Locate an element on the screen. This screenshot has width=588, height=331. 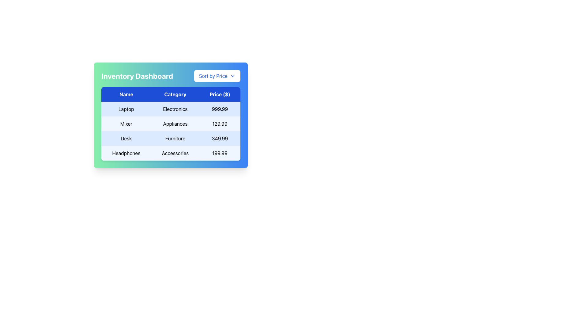
the text display showing '999.99' in bold black font, located in the price column of the first row under 'Price ($)' is located at coordinates (220, 108).